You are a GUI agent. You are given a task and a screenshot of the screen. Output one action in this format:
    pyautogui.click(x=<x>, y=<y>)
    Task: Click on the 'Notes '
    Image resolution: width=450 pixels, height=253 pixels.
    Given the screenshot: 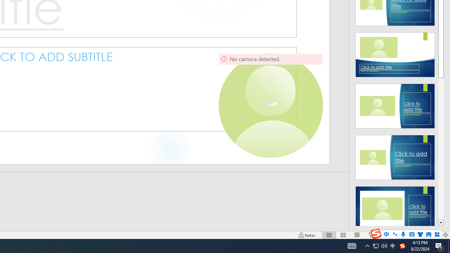 What is the action you would take?
    pyautogui.click(x=307, y=235)
    